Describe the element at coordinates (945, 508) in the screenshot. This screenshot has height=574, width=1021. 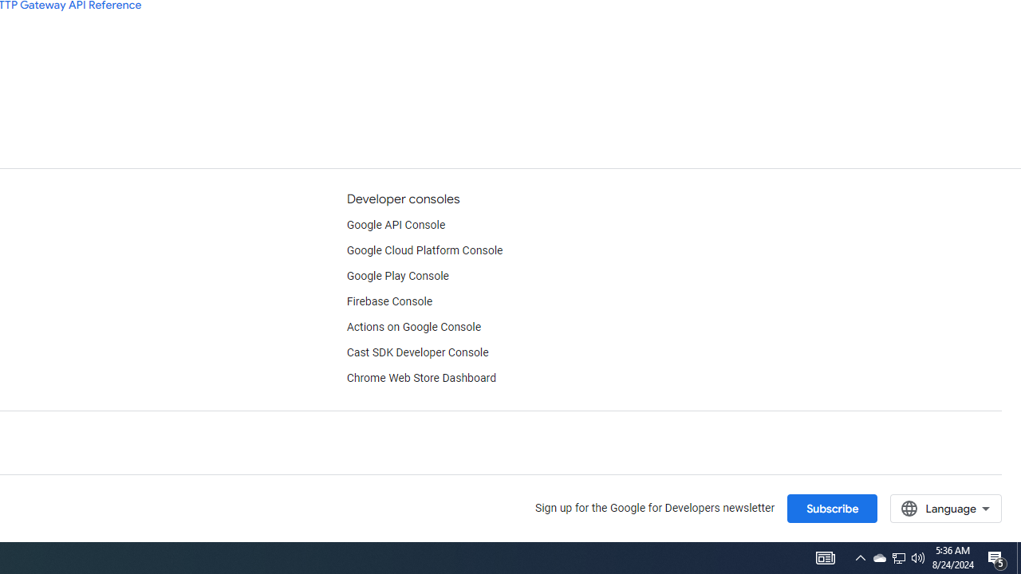
I see `'Language'` at that location.